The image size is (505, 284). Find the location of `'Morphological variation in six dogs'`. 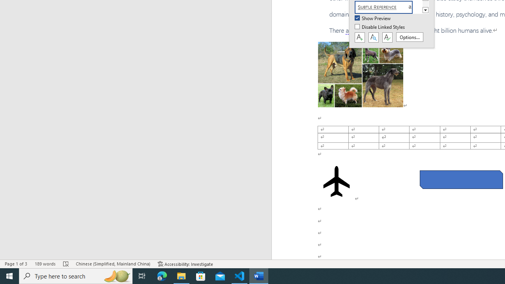

'Morphological variation in six dogs' is located at coordinates (360, 75).